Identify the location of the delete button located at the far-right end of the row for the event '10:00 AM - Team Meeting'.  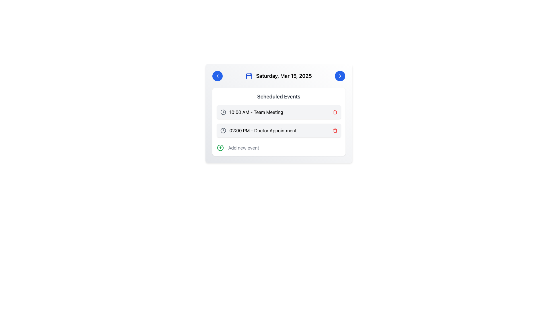
(335, 112).